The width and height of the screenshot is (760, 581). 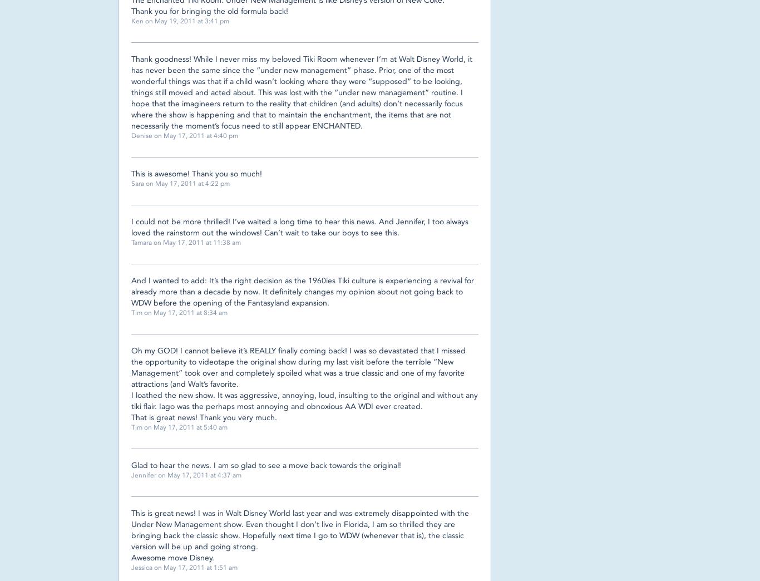 I want to click on 'Jennifer', so click(x=131, y=475).